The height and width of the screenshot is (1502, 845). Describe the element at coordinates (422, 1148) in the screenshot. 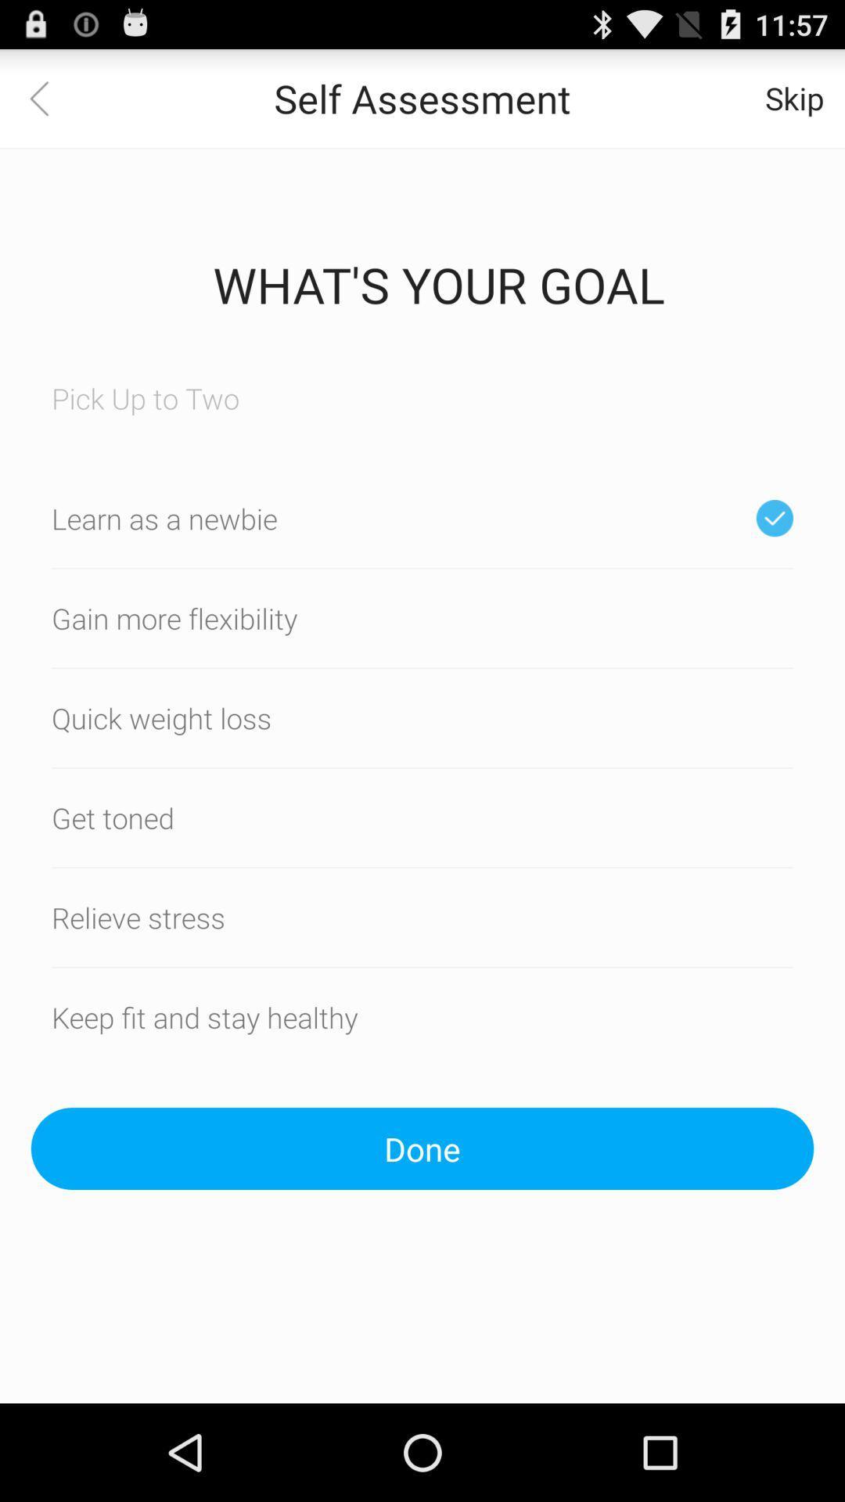

I see `done at the bottom` at that location.